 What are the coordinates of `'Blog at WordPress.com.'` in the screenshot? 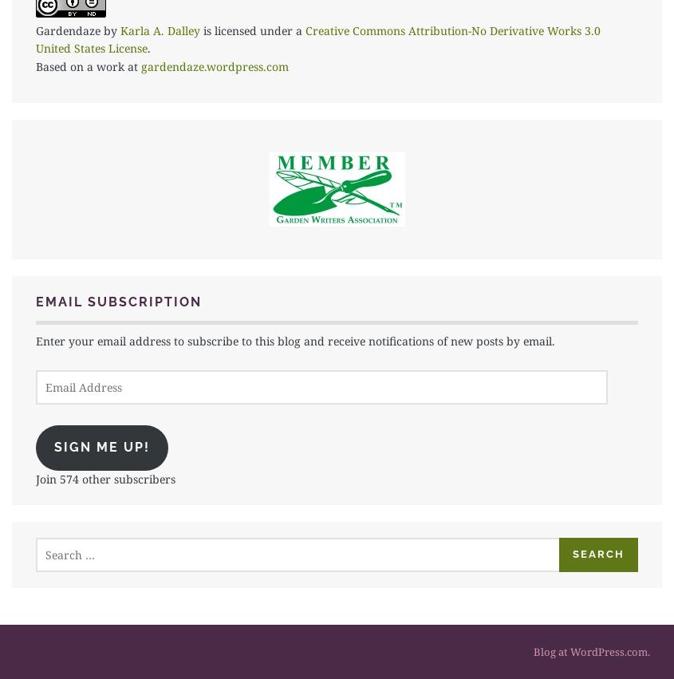 It's located at (590, 651).